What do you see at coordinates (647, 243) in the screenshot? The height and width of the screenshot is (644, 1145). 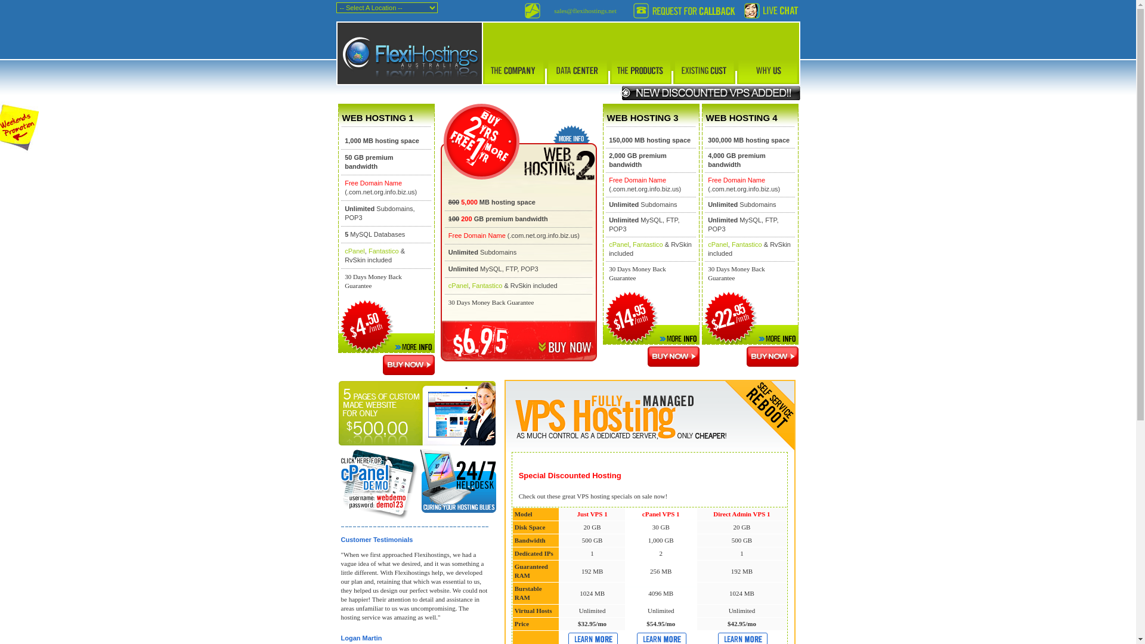 I see `'Fantastico'` at bounding box center [647, 243].